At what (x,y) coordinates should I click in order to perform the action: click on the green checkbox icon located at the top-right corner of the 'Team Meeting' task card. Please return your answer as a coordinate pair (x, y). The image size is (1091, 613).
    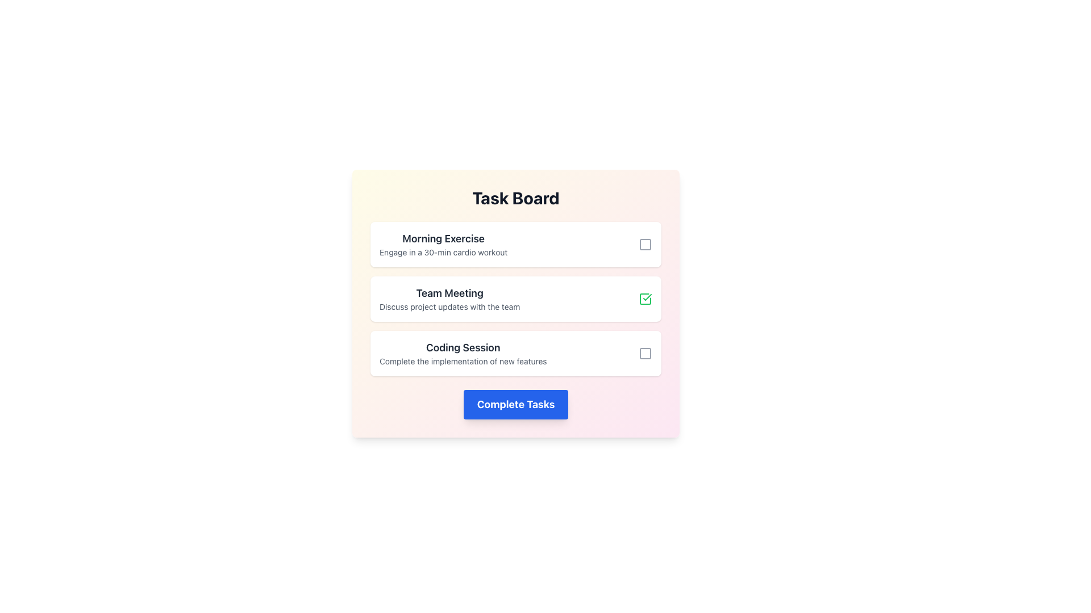
    Looking at the image, I should click on (646, 299).